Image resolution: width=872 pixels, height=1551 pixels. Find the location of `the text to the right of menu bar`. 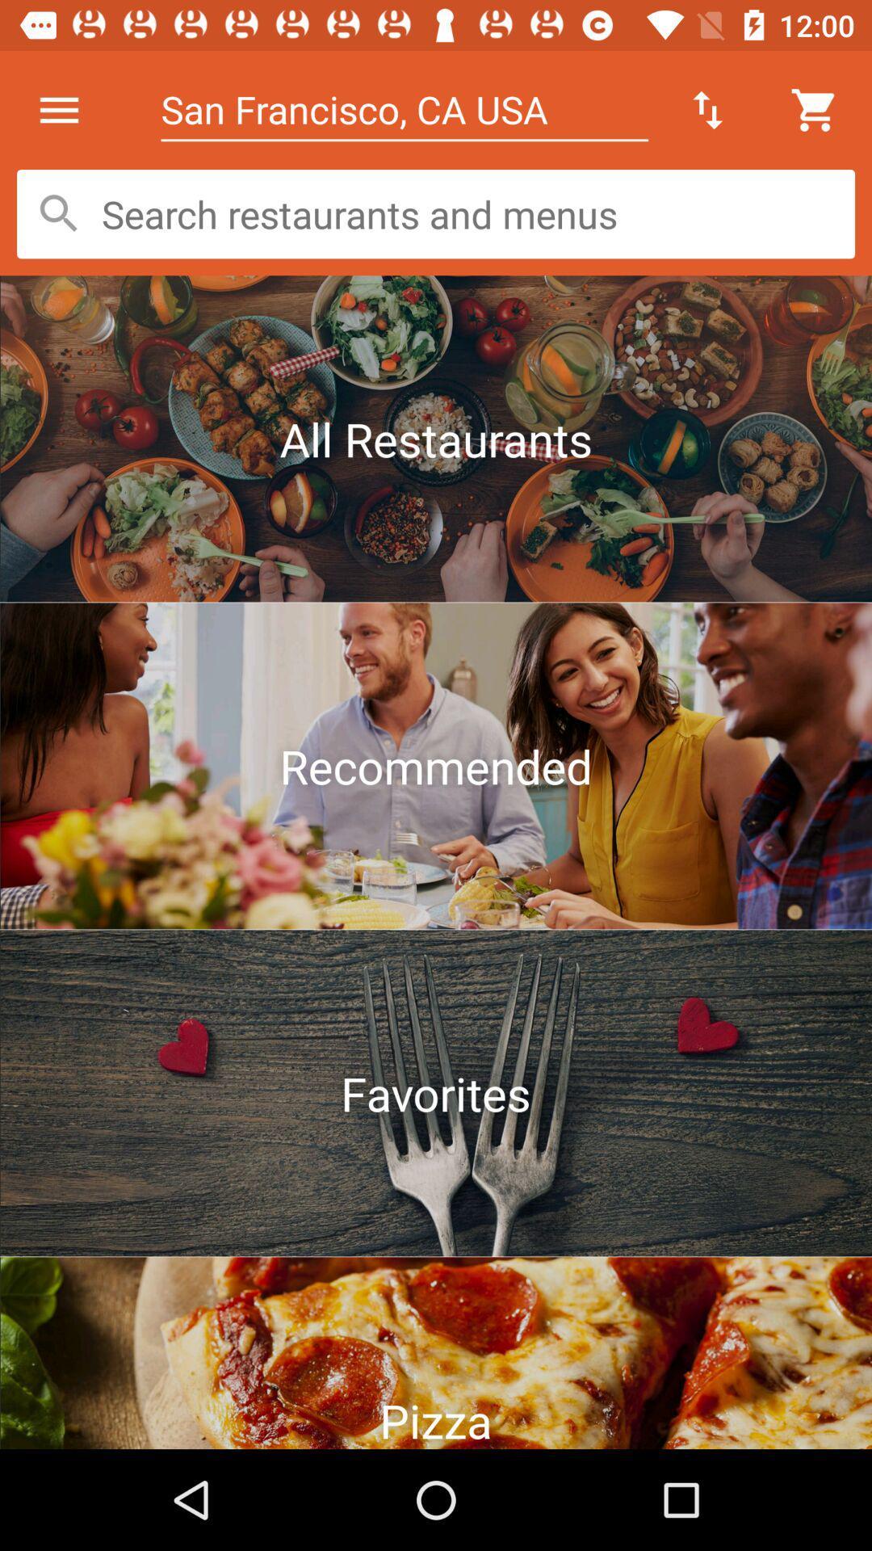

the text to the right of menu bar is located at coordinates (404, 109).